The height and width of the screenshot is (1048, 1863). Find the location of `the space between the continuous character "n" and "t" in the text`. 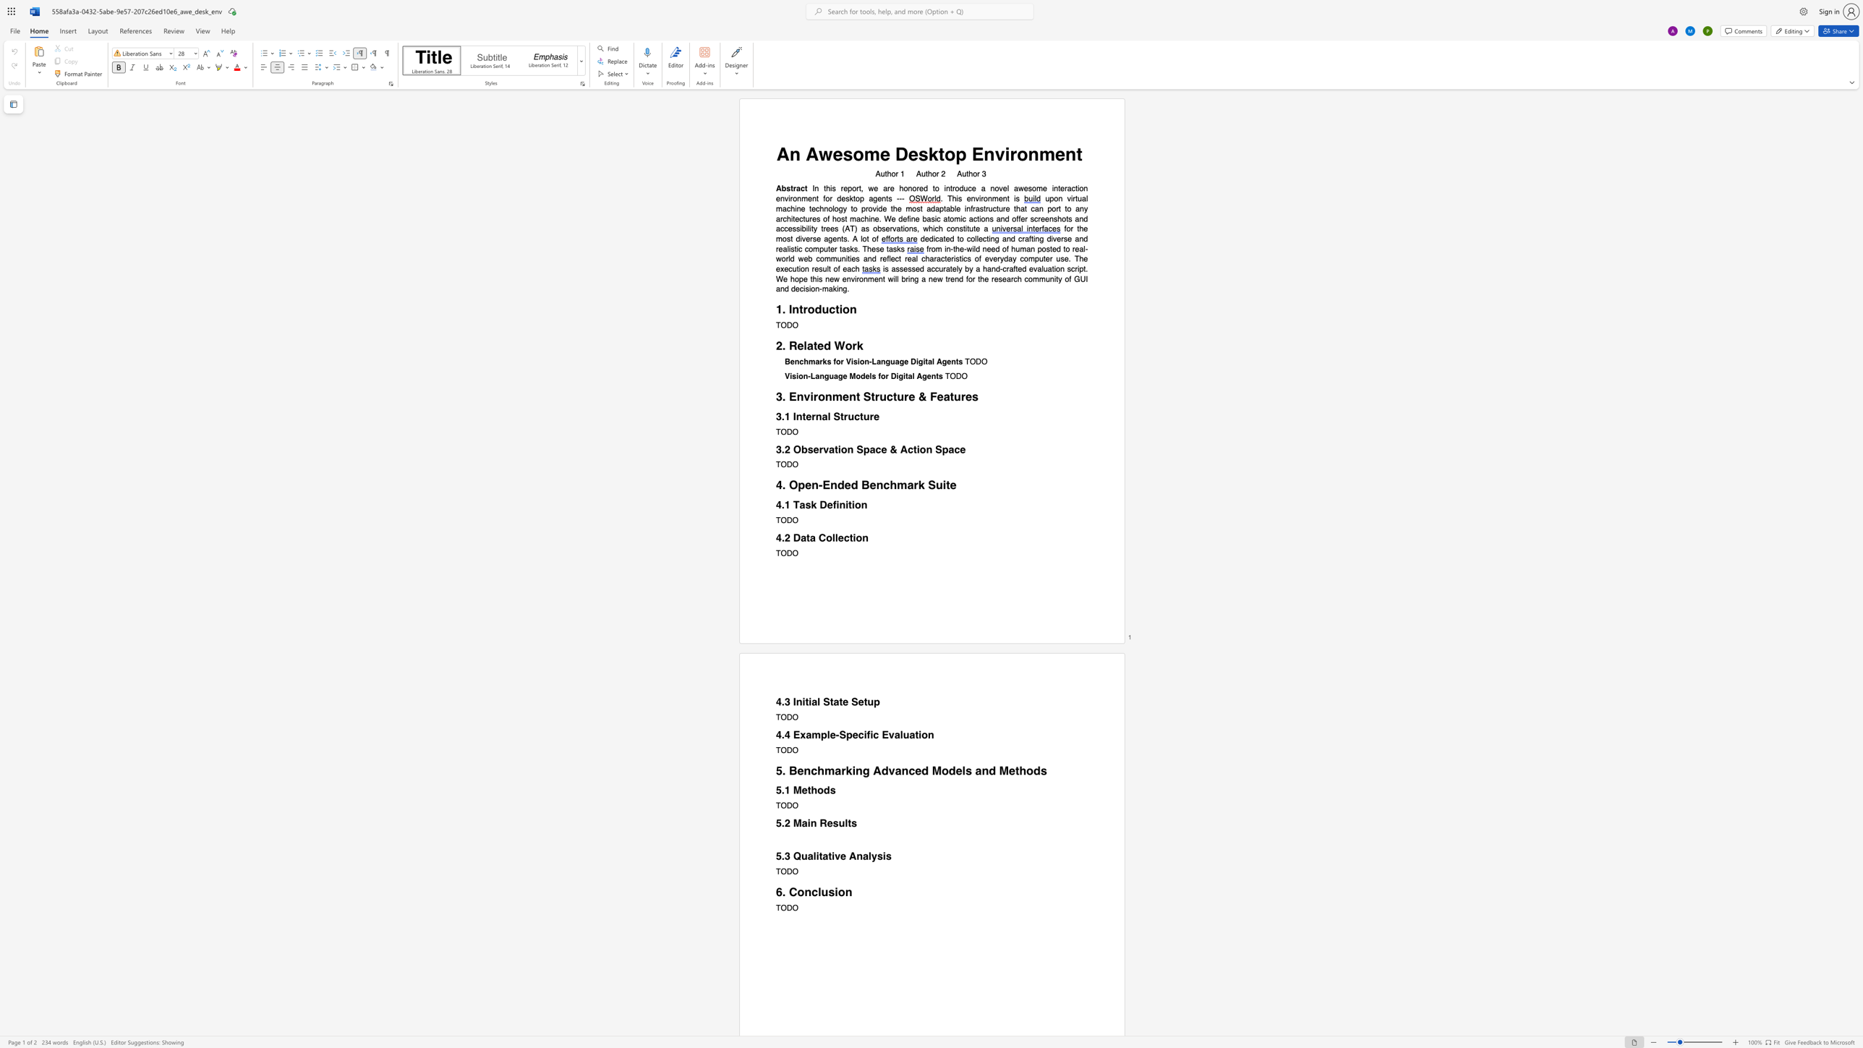

the space between the continuous character "n" and "t" in the text is located at coordinates (798, 309).